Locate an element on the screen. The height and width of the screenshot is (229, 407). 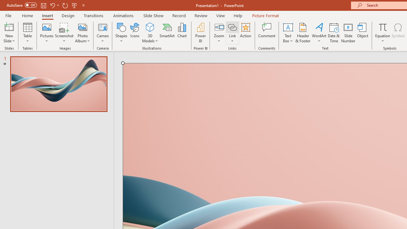
'Object...' is located at coordinates (363, 33).